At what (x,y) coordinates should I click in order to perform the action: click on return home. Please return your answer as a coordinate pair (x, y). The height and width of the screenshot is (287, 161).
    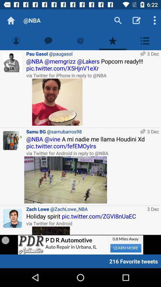
    Looking at the image, I should click on (11, 20).